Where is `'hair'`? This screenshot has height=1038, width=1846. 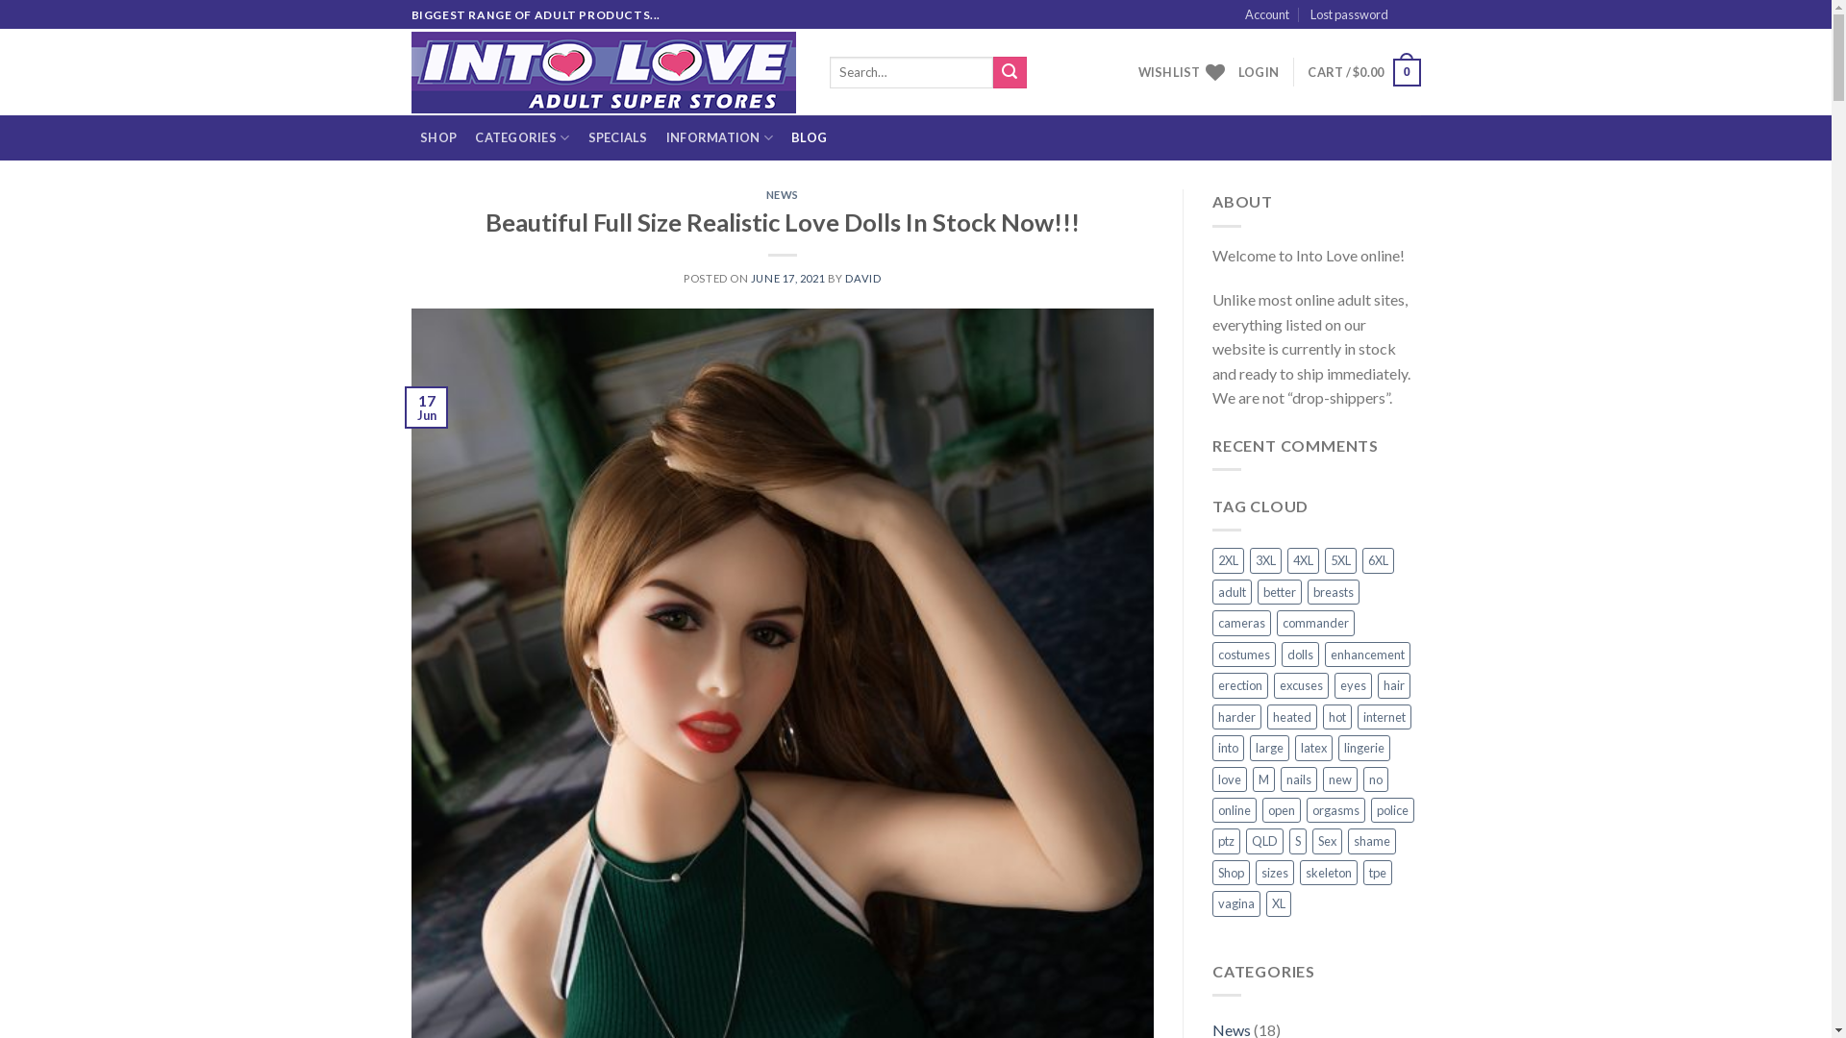
'hair' is located at coordinates (1393, 684).